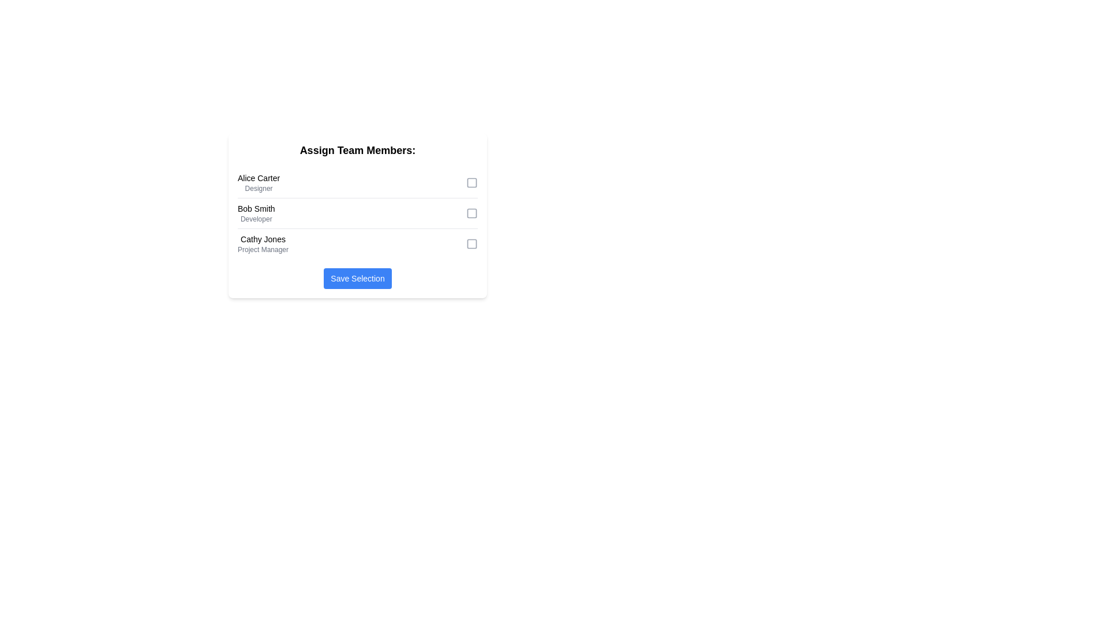 The width and height of the screenshot is (1108, 623). What do you see at coordinates (256, 213) in the screenshot?
I see `the second entry in the vertical list of team members displaying a team member's name and designation` at bounding box center [256, 213].